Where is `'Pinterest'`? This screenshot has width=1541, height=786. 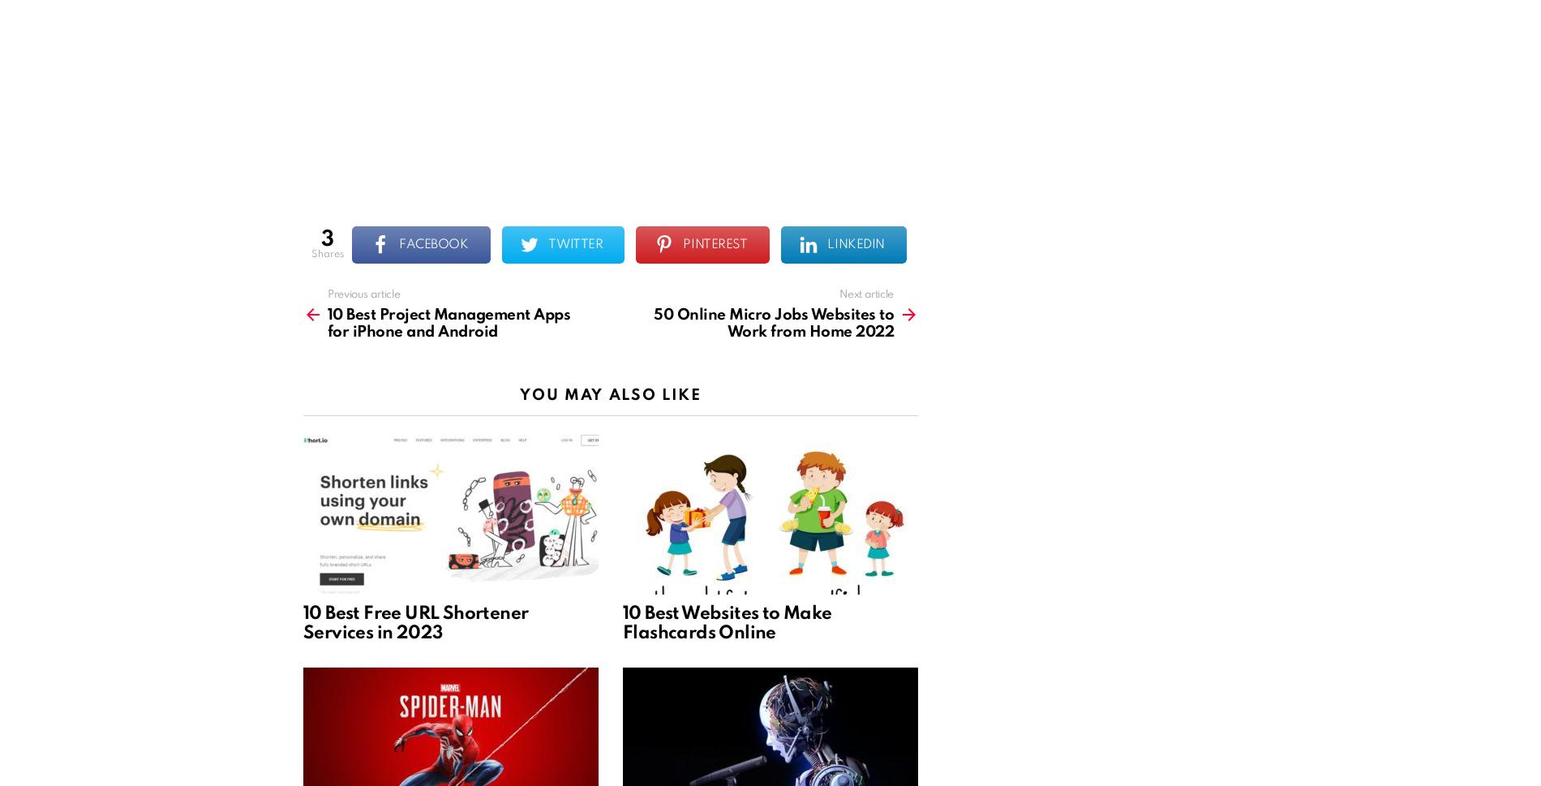
'Pinterest' is located at coordinates (714, 245).